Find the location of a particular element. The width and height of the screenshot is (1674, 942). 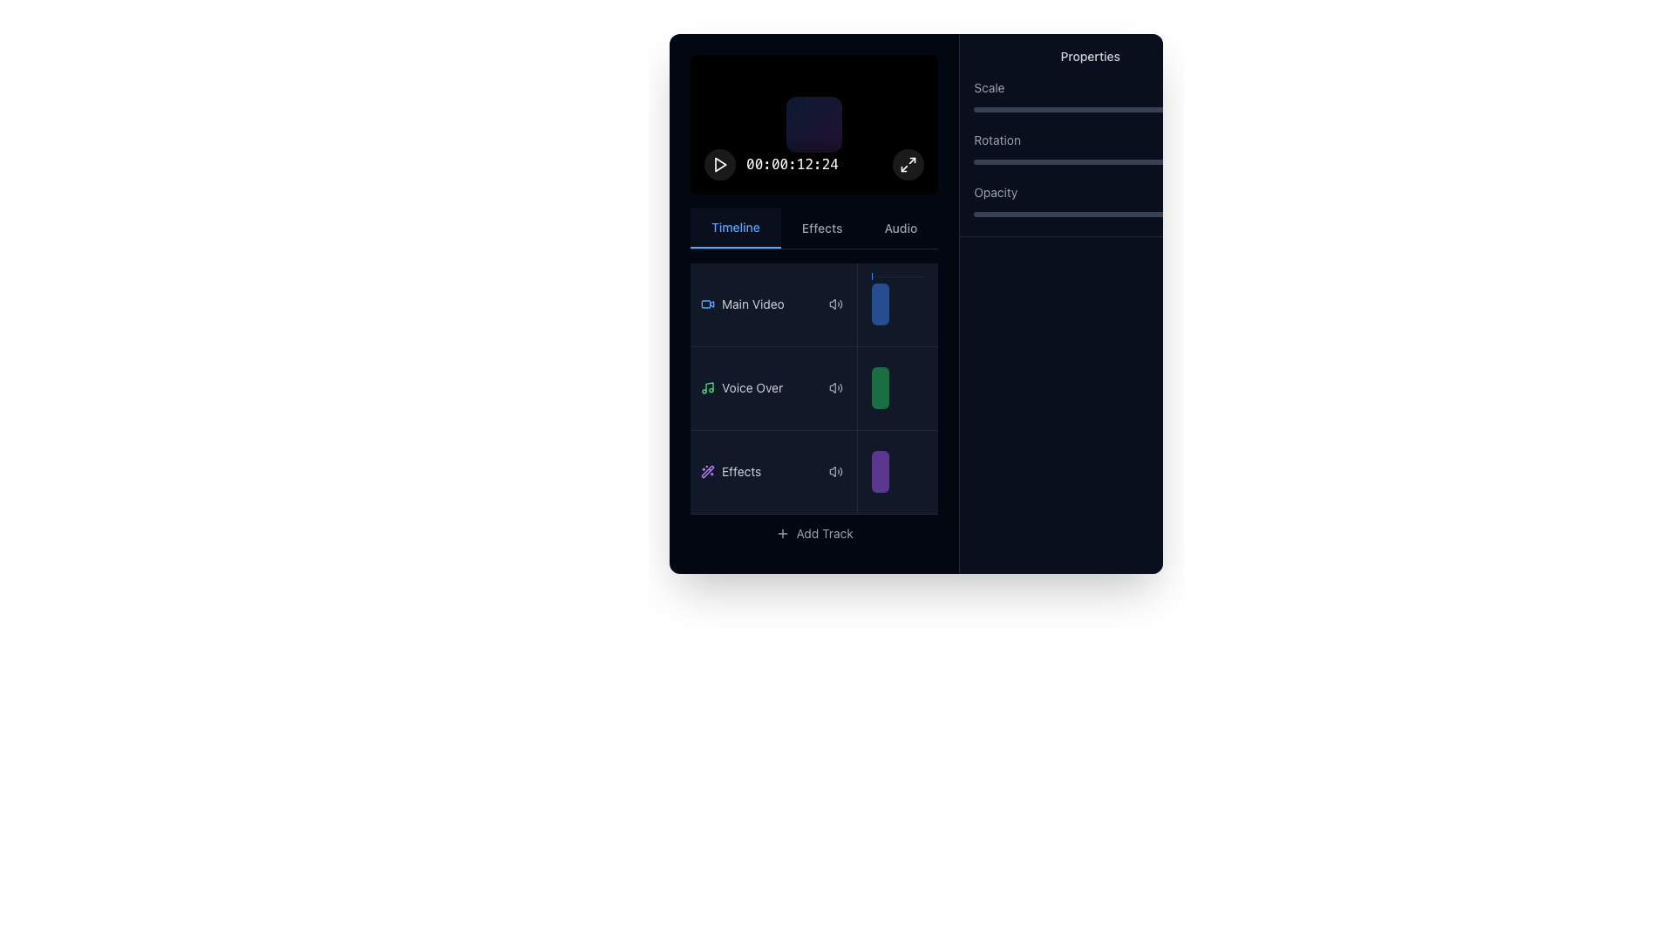

the text label displaying 'Scale' in the 'Properties' section, which is styled in gray and positioned to the left of the '100%' label is located at coordinates (989, 87).